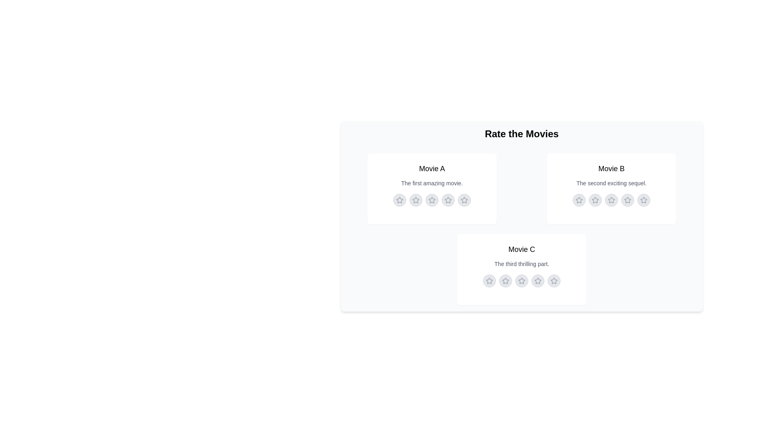 The width and height of the screenshot is (776, 436). What do you see at coordinates (415, 200) in the screenshot?
I see `the second clickable rating star icon under the 'Movie A' section` at bounding box center [415, 200].